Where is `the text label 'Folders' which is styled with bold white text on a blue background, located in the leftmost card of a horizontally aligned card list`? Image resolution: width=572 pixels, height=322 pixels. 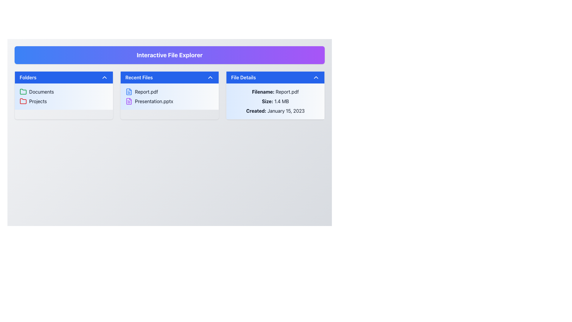
the text label 'Folders' which is styled with bold white text on a blue background, located in the leftmost card of a horizontally aligned card list is located at coordinates (28, 77).